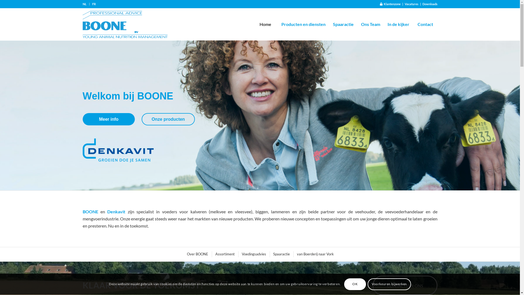 Image resolution: width=524 pixels, height=295 pixels. Describe the element at coordinates (253, 254) in the screenshot. I see `'Voedingsadvies'` at that location.